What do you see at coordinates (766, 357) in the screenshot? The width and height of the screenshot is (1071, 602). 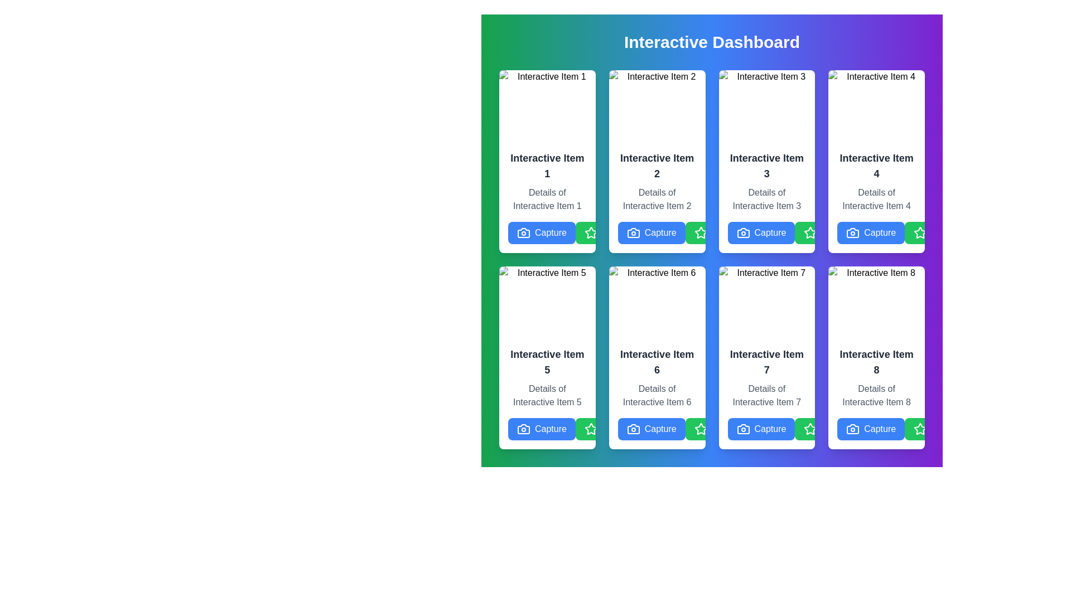 I see `the Card displaying content details and actions located in the second row, third column of the grid layout` at bounding box center [766, 357].